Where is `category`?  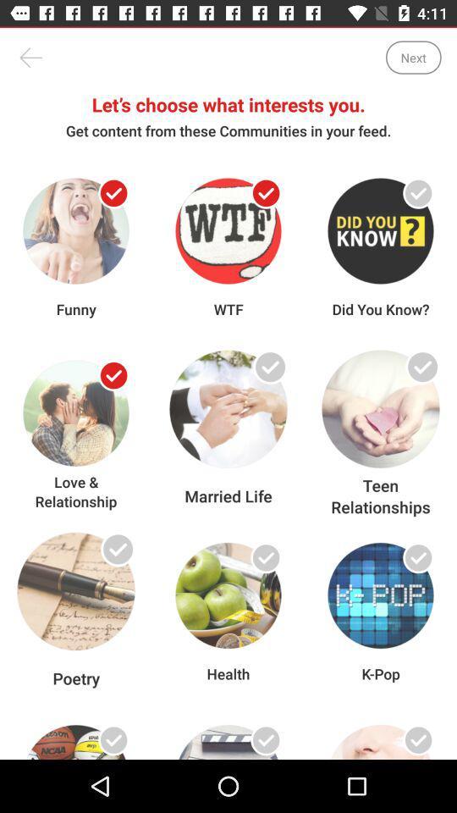 category is located at coordinates (417, 375).